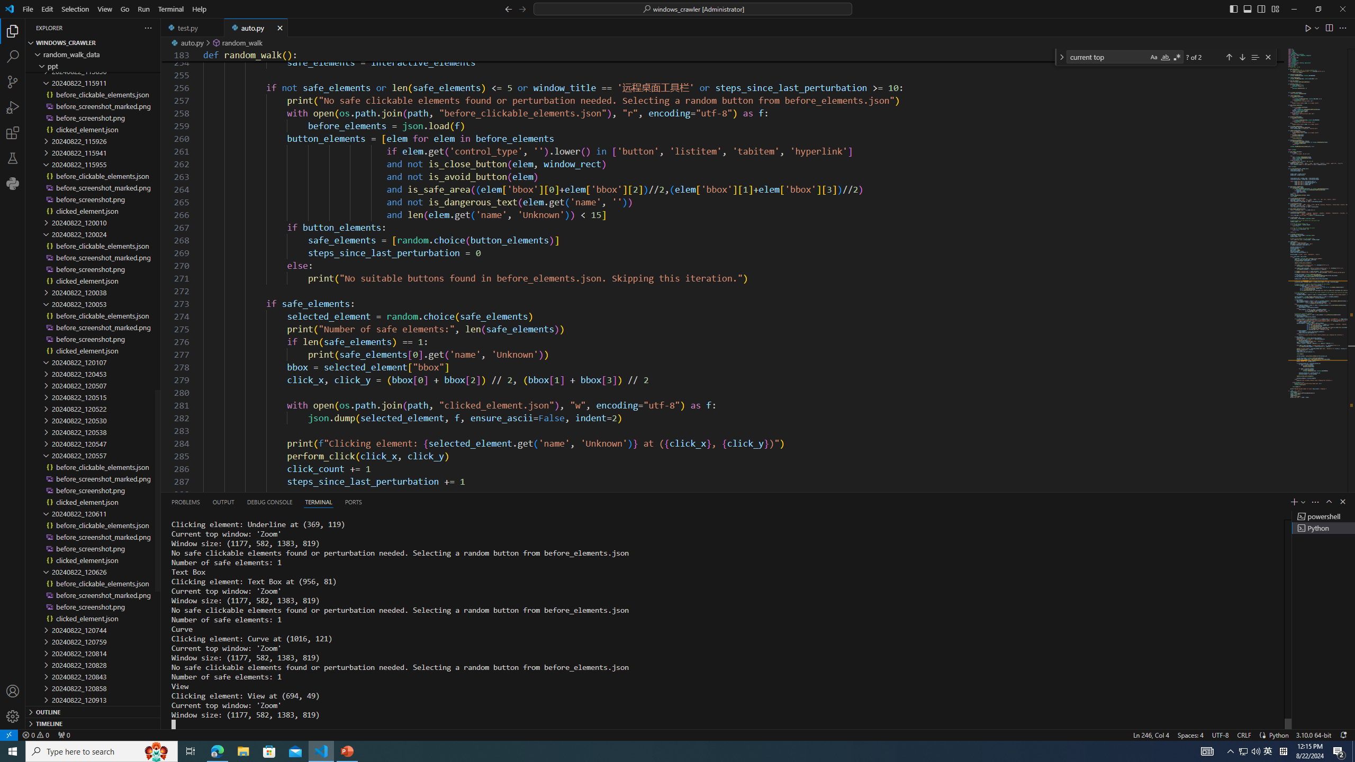 Image resolution: width=1355 pixels, height=762 pixels. I want to click on 'Spaces: 4', so click(1189, 734).